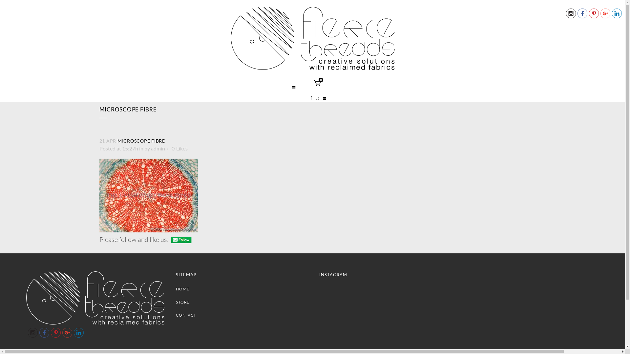  Describe the element at coordinates (74, 332) in the screenshot. I see `'LinkedIn'` at that location.